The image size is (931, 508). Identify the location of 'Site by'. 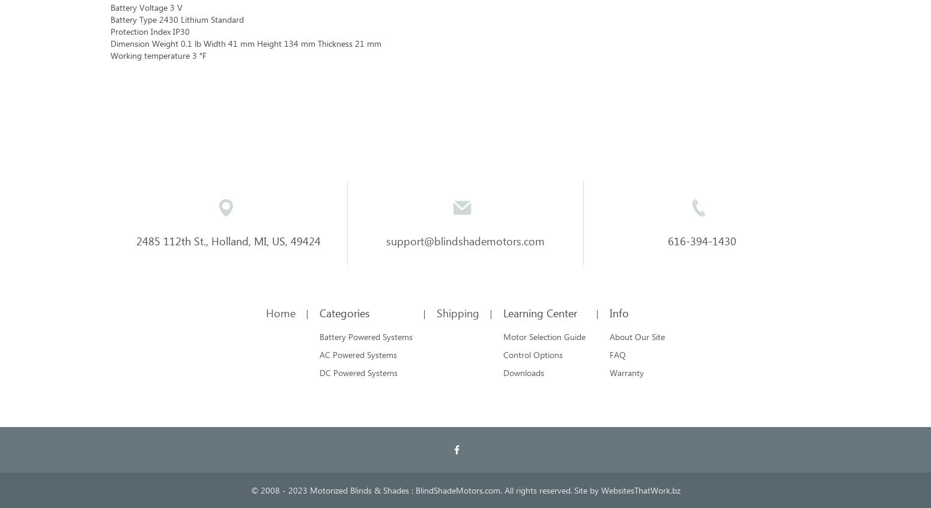
(586, 490).